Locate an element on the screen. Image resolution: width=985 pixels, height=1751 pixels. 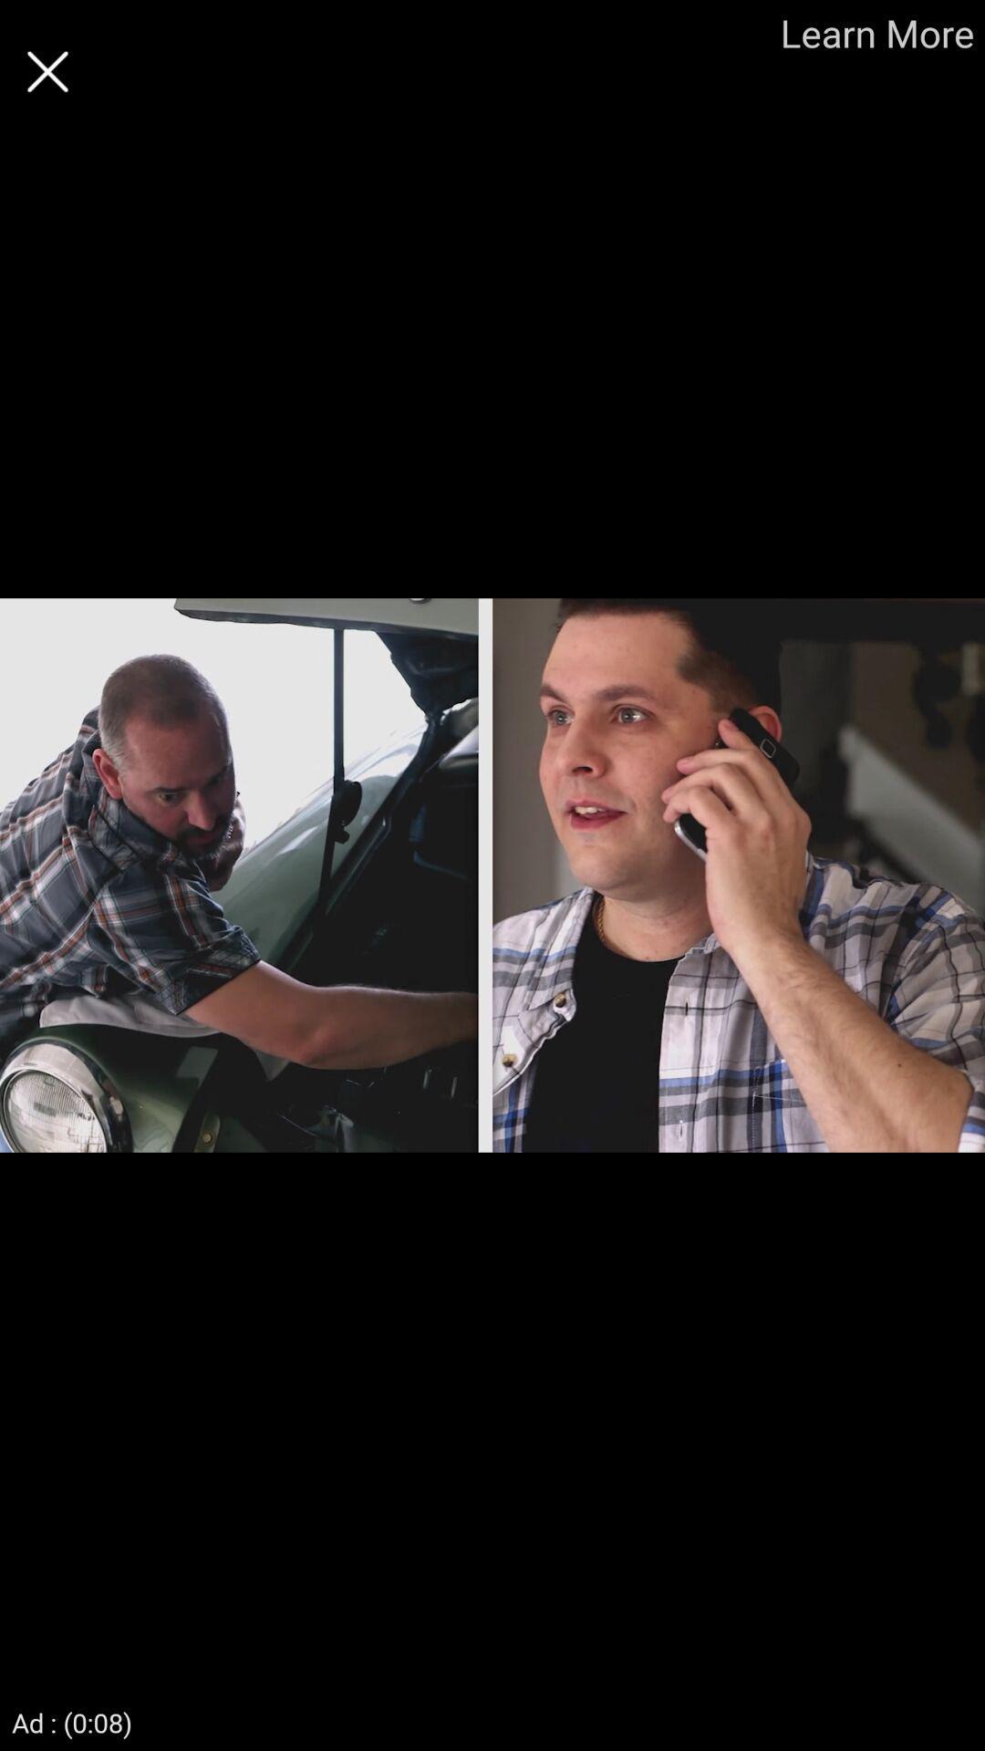
the close icon is located at coordinates (47, 71).